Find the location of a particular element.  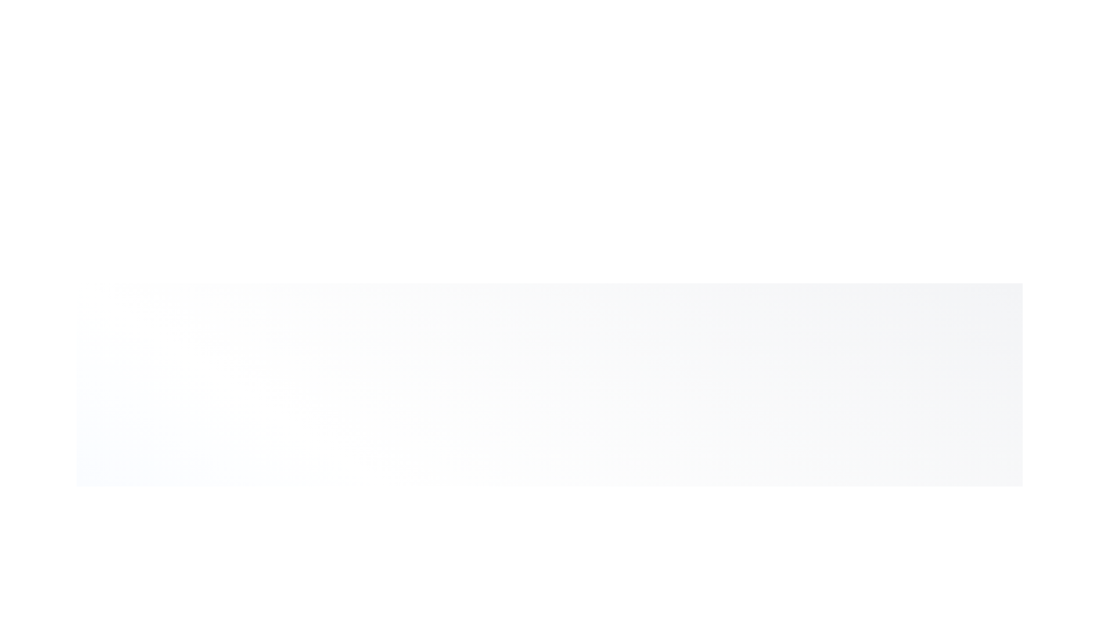

the Code tab to switch the content is located at coordinates (588, 569).